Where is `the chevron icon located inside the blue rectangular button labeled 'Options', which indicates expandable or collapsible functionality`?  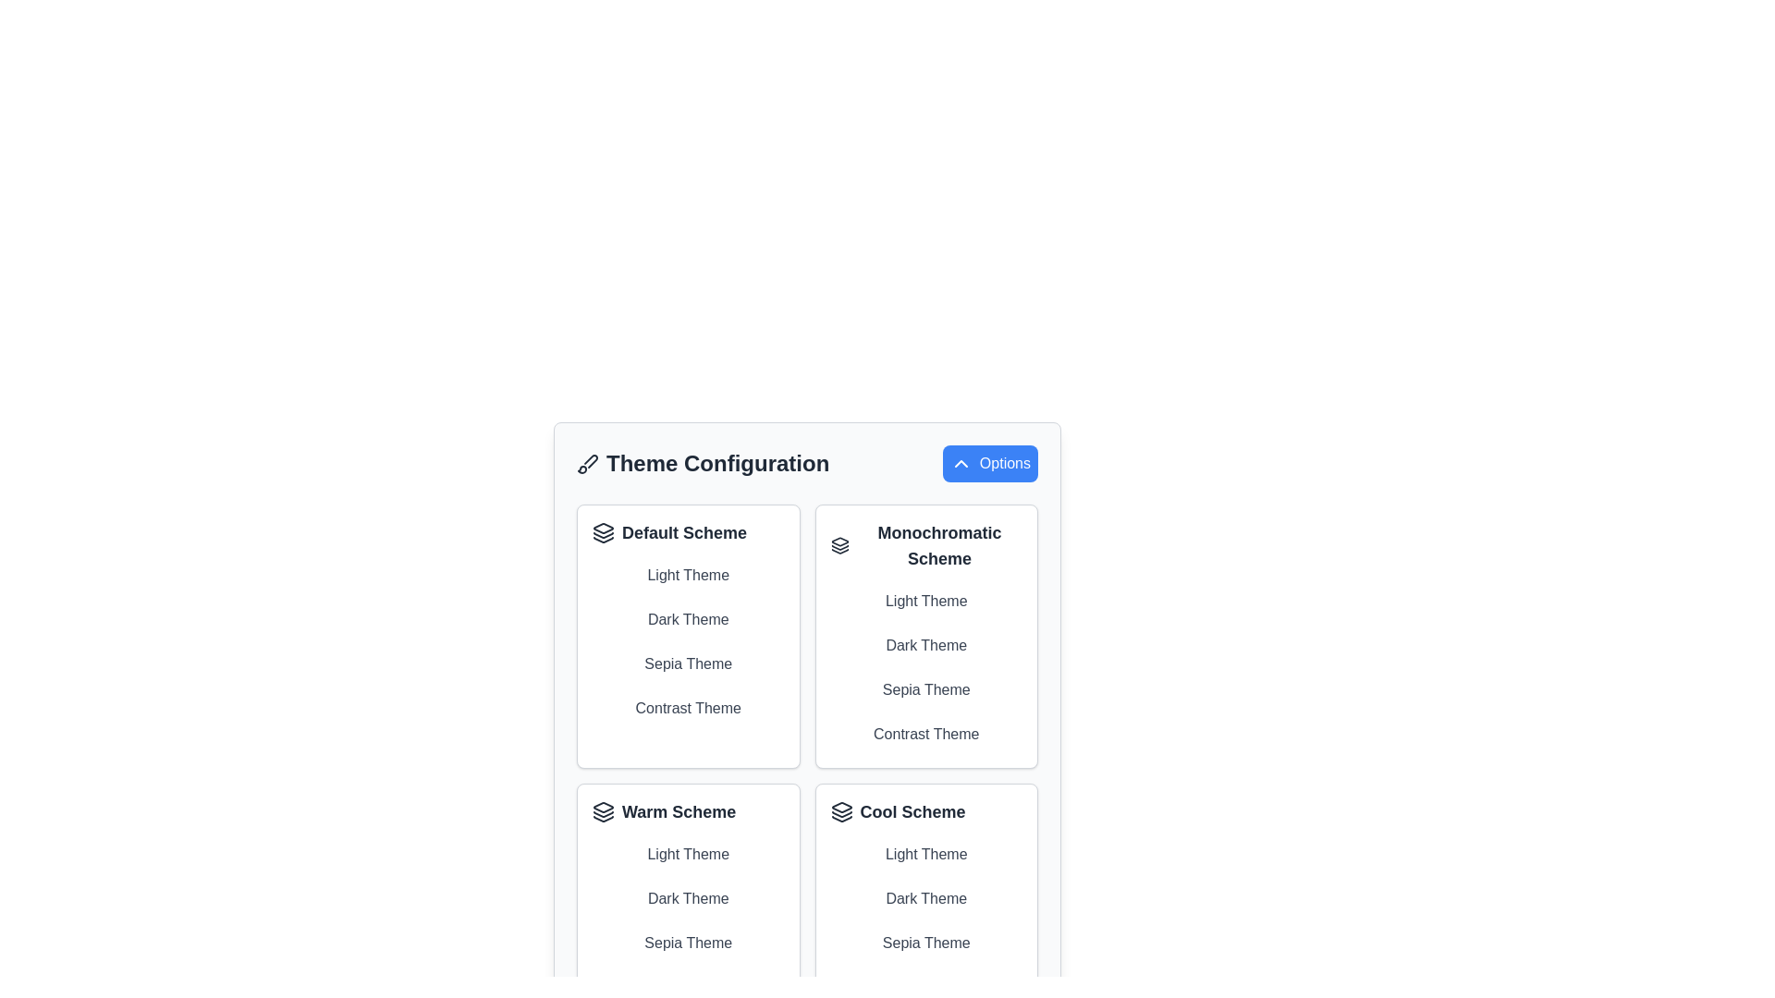 the chevron icon located inside the blue rectangular button labeled 'Options', which indicates expandable or collapsible functionality is located at coordinates (961, 462).